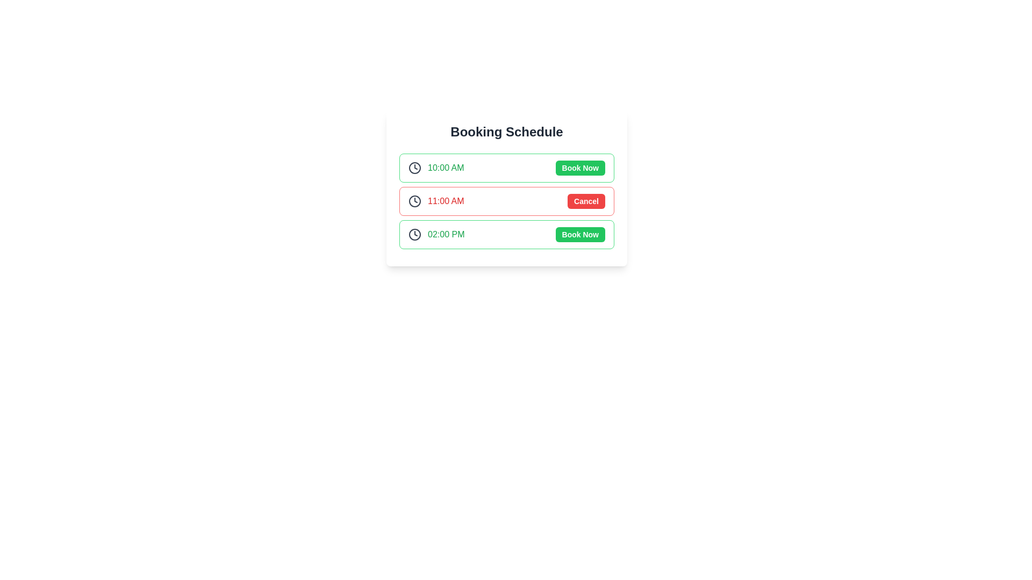 Image resolution: width=1032 pixels, height=580 pixels. Describe the element at coordinates (446, 168) in the screenshot. I see `the text display element showing the time slot '10:00 AM', which is the first entry in a vertical list of schedule options` at that location.